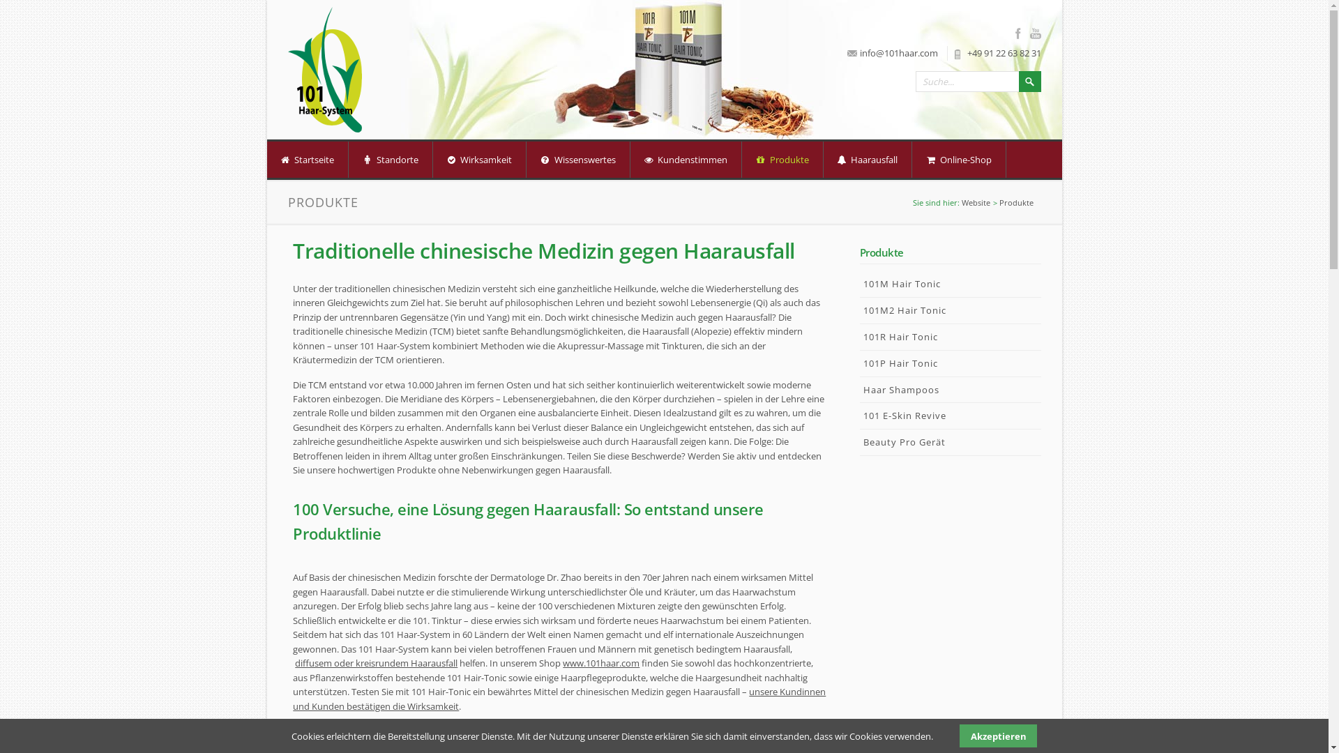  I want to click on 'info@101haar.com', so click(898, 52).